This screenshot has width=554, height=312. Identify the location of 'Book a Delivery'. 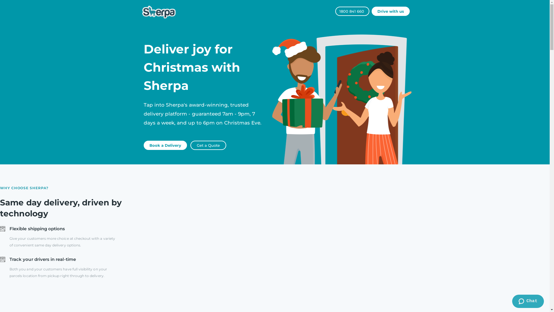
(165, 145).